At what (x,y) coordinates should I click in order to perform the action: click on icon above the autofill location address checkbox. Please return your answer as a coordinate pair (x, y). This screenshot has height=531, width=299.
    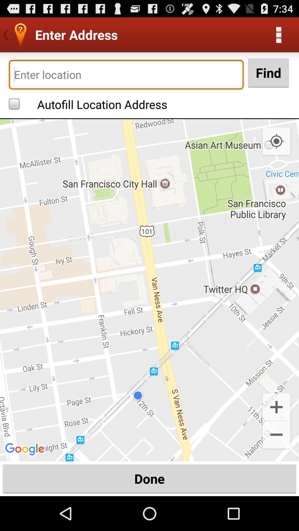
    Looking at the image, I should click on (126, 74).